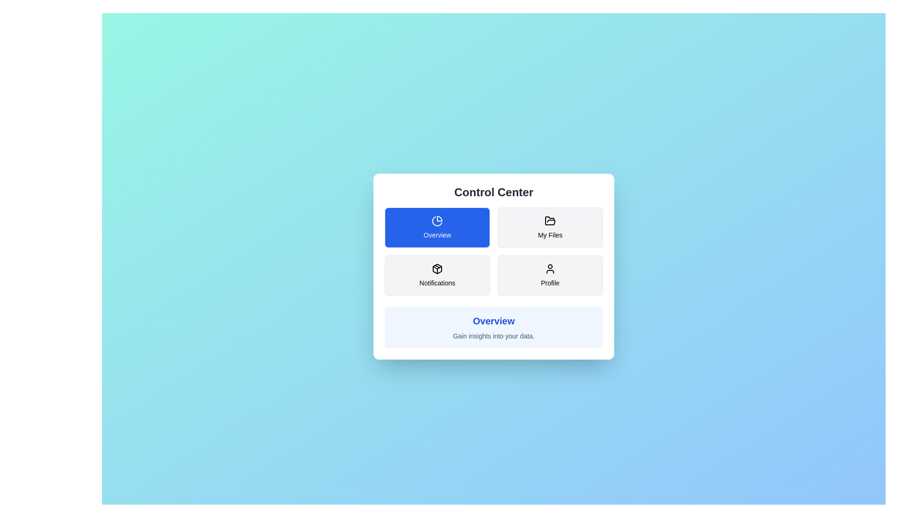  I want to click on the button corresponding to the section Profile, so click(550, 275).